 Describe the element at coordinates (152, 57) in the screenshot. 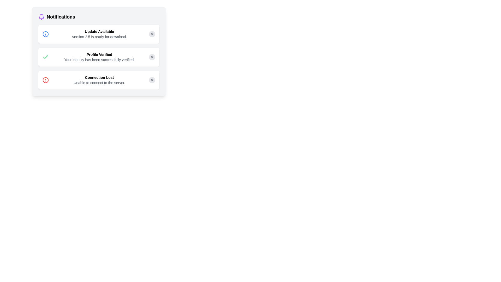

I see `close button for the notification titled 'Profile Verified'` at that location.